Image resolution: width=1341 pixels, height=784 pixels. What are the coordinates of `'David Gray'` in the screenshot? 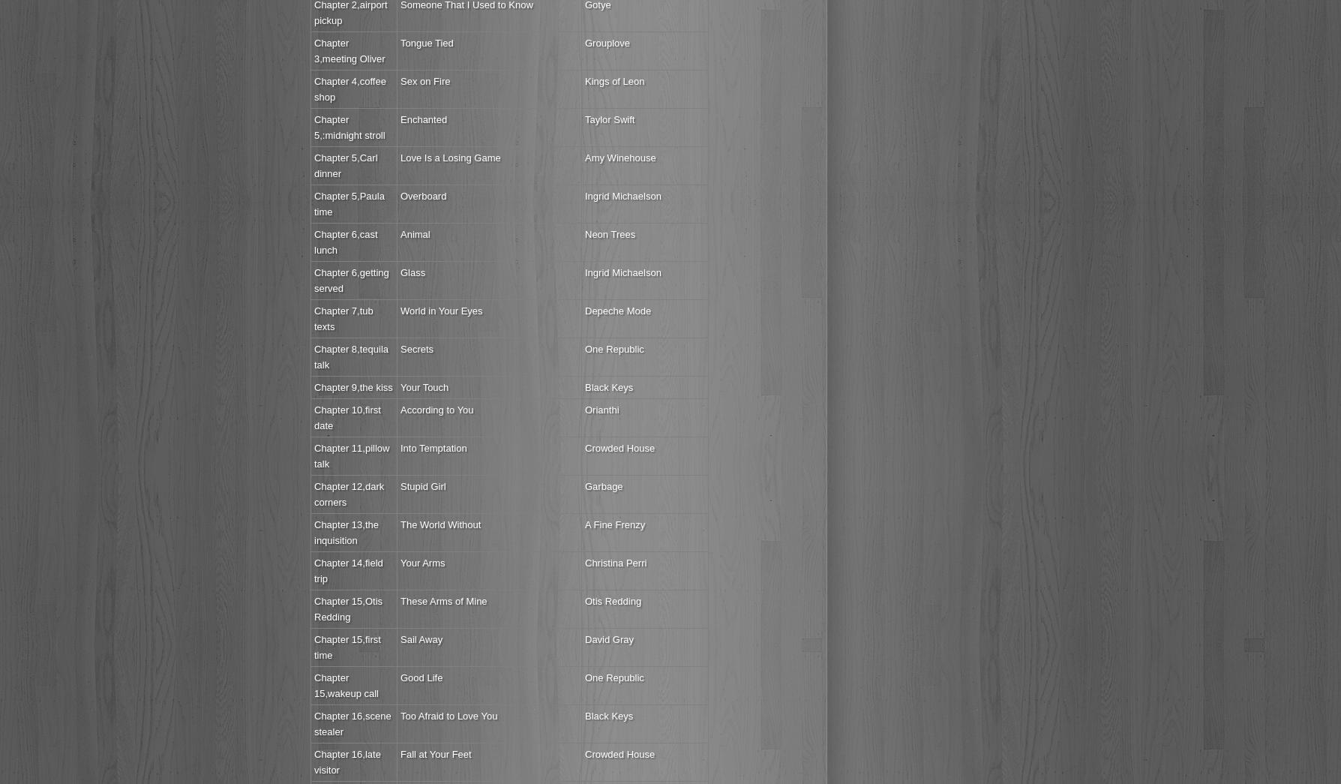 It's located at (608, 638).